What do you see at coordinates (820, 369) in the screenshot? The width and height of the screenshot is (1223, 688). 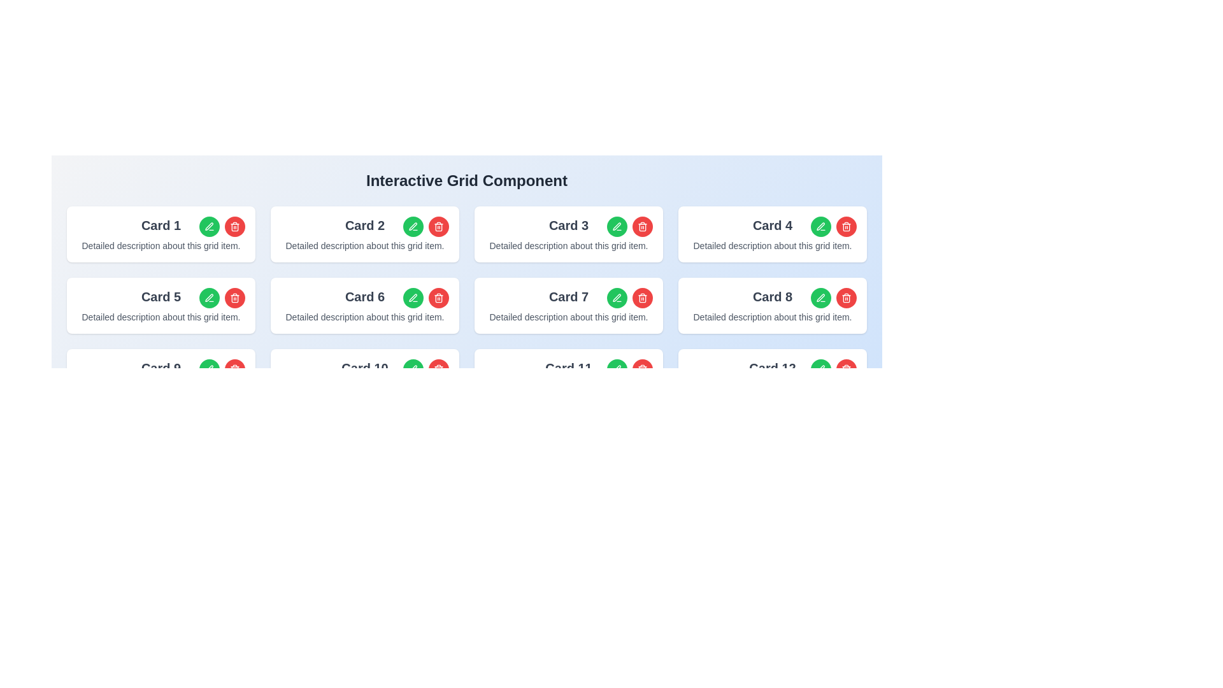 I see `the pen/edit icon located at the top-right corner of 'Card 8'` at bounding box center [820, 369].